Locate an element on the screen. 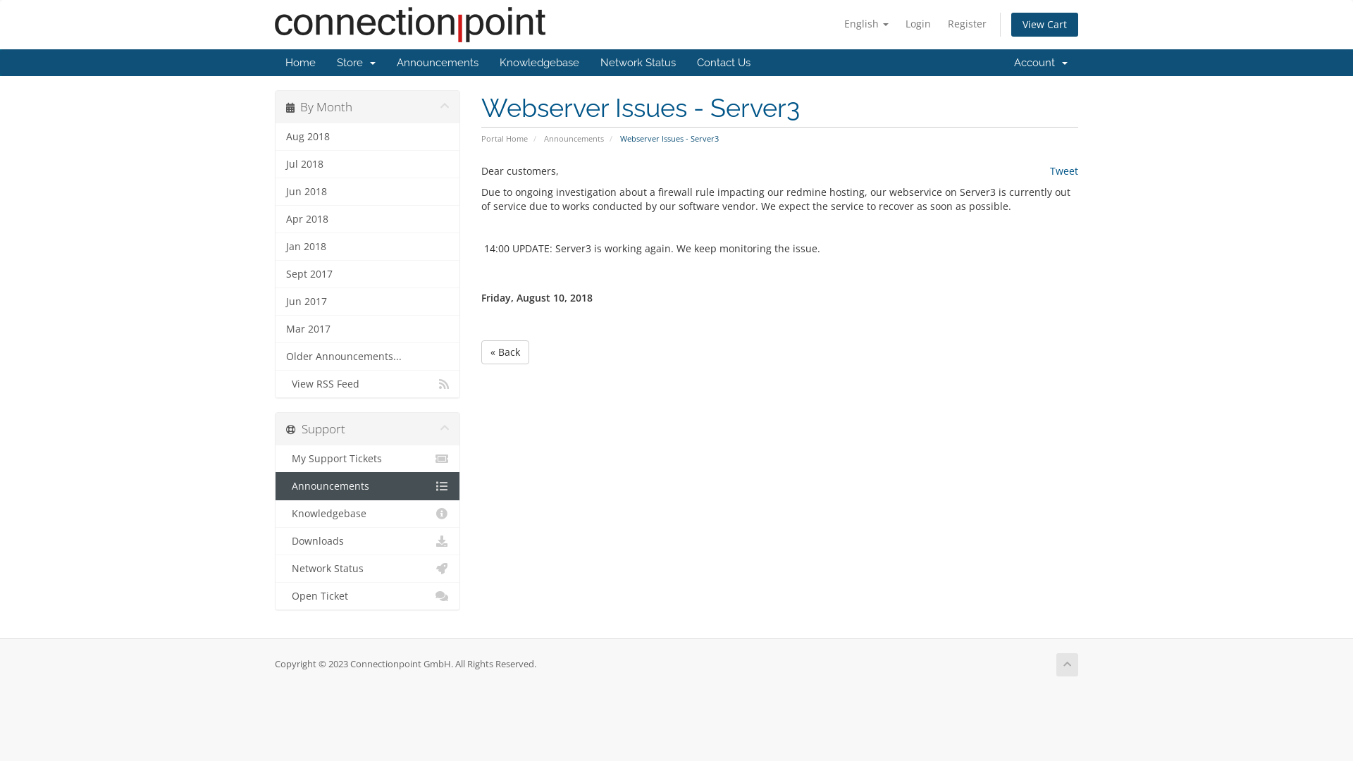 The image size is (1353, 761). 'Register' is located at coordinates (966, 24).